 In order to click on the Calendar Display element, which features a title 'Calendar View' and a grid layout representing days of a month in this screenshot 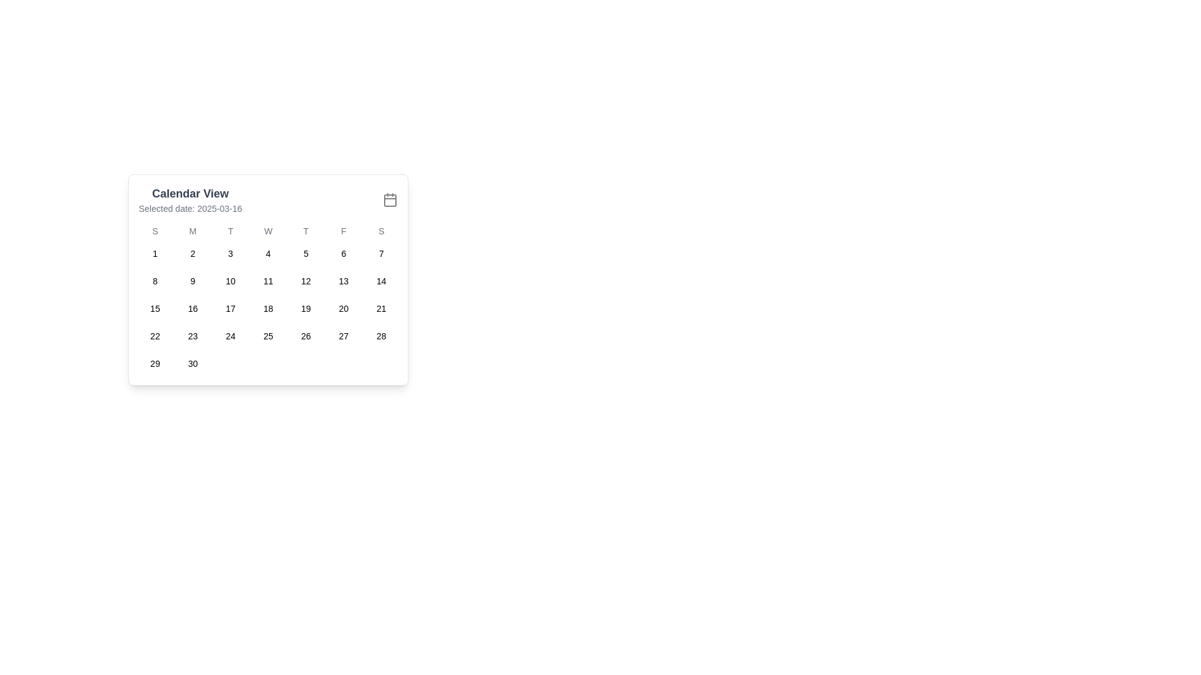, I will do `click(267, 279)`.